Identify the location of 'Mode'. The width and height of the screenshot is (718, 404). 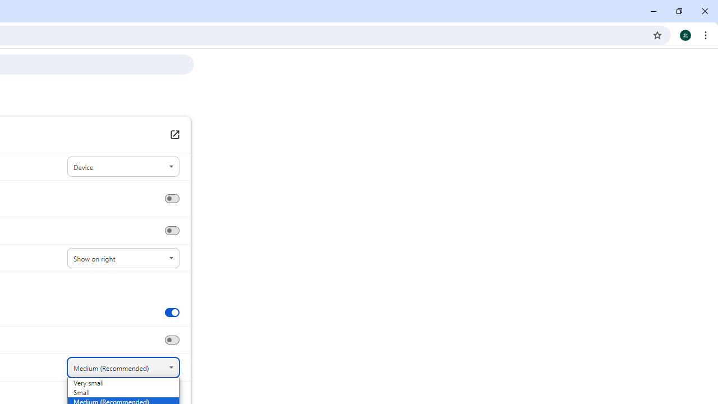
(123, 167).